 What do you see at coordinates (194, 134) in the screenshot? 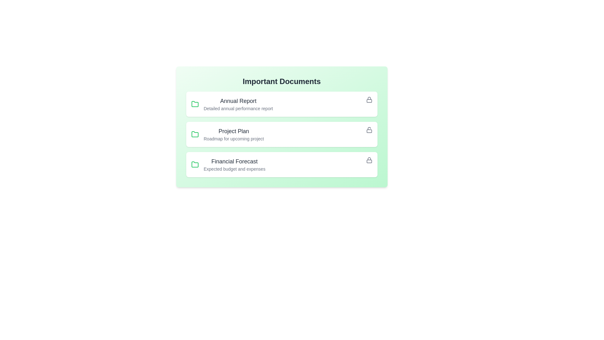
I see `the folder icon corresponding to the document titled Project Plan` at bounding box center [194, 134].